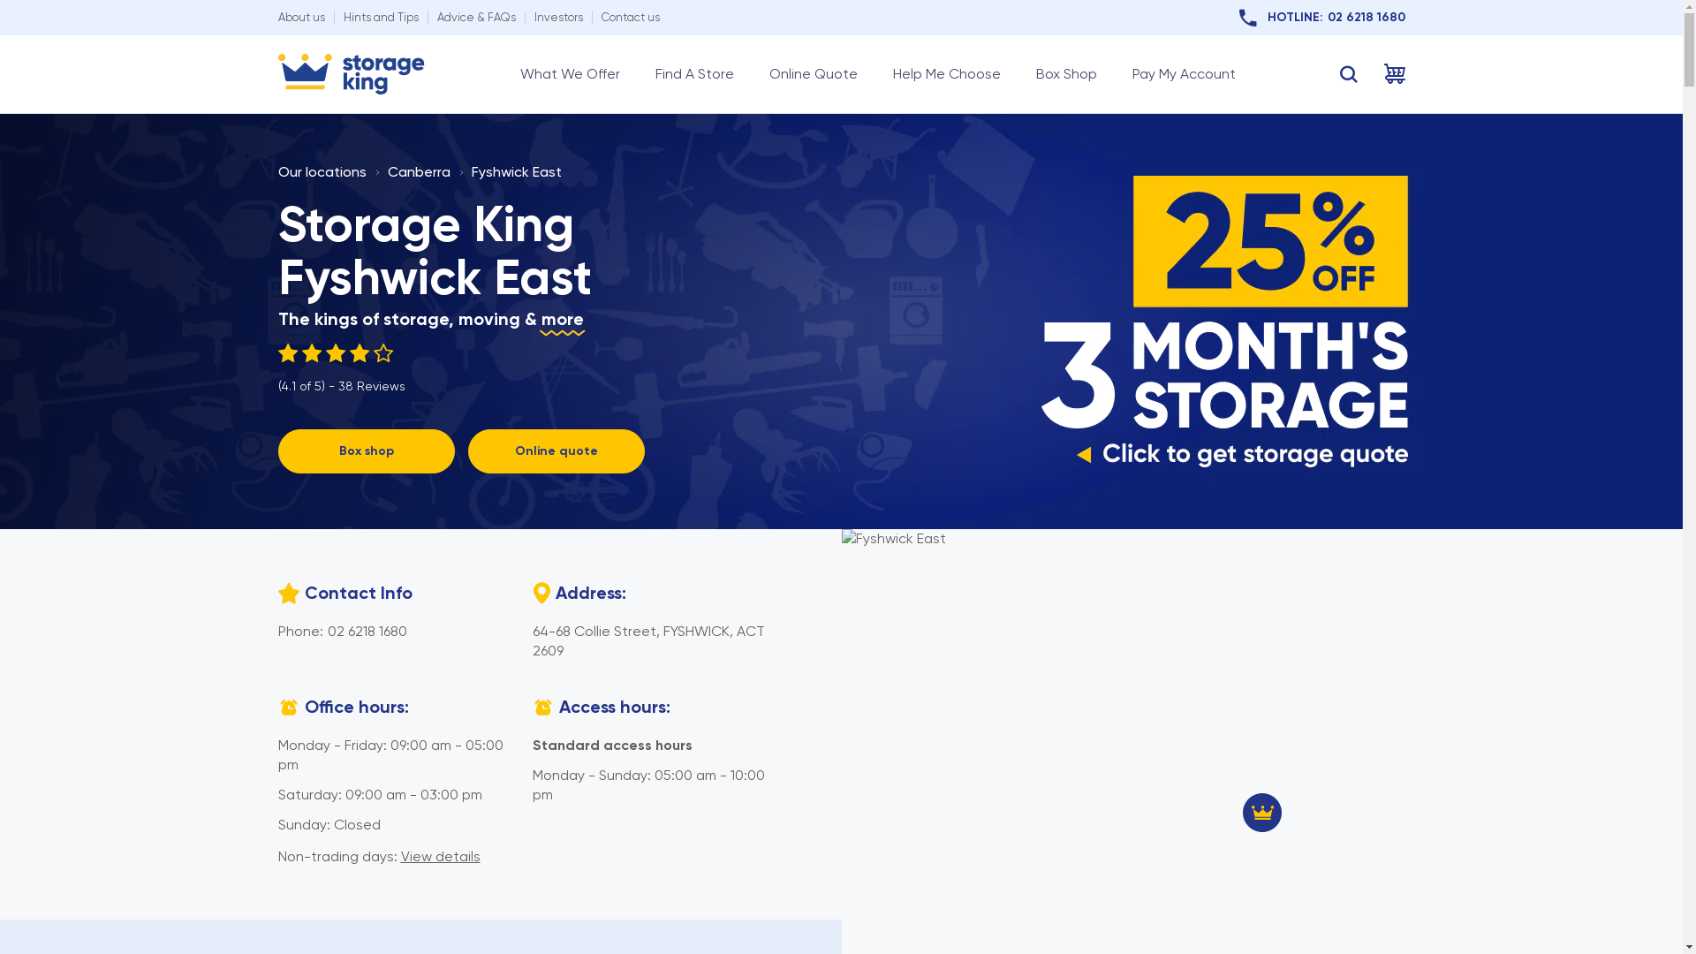 Image resolution: width=1696 pixels, height=954 pixels. Describe the element at coordinates (693, 73) in the screenshot. I see `'Find A Store'` at that location.